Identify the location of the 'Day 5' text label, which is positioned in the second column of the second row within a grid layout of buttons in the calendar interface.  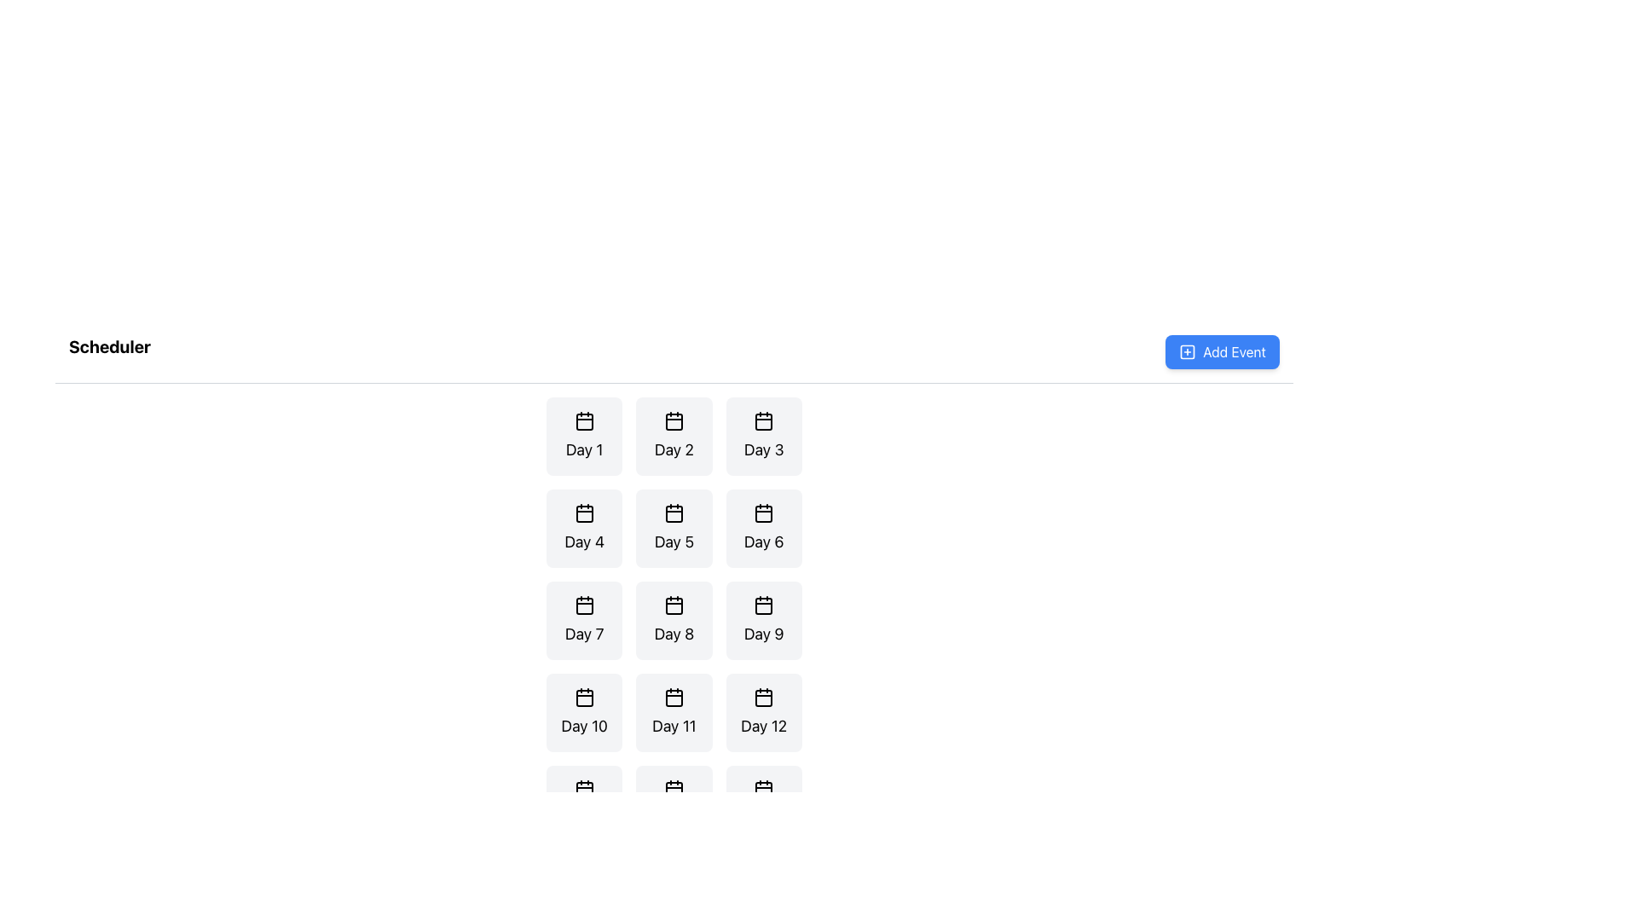
(674, 542).